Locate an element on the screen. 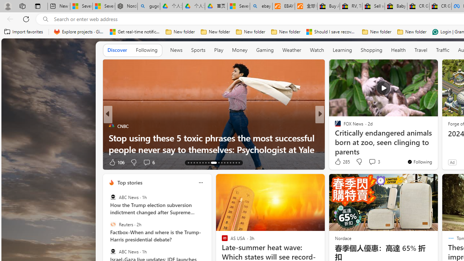  'AutomationID: tab-21' is located at coordinates (211, 162).